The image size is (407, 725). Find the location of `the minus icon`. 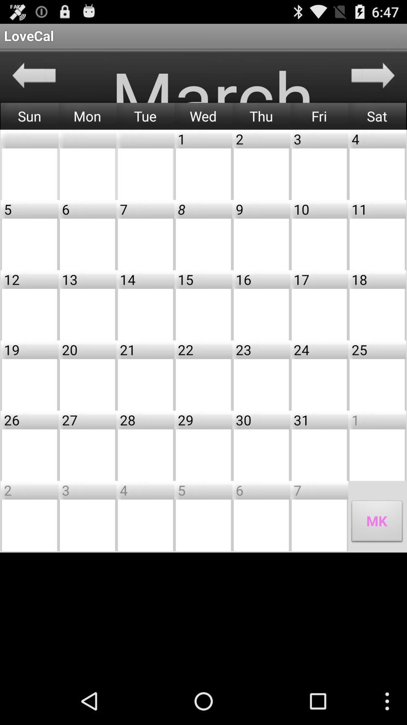

the minus icon is located at coordinates (319, 336).